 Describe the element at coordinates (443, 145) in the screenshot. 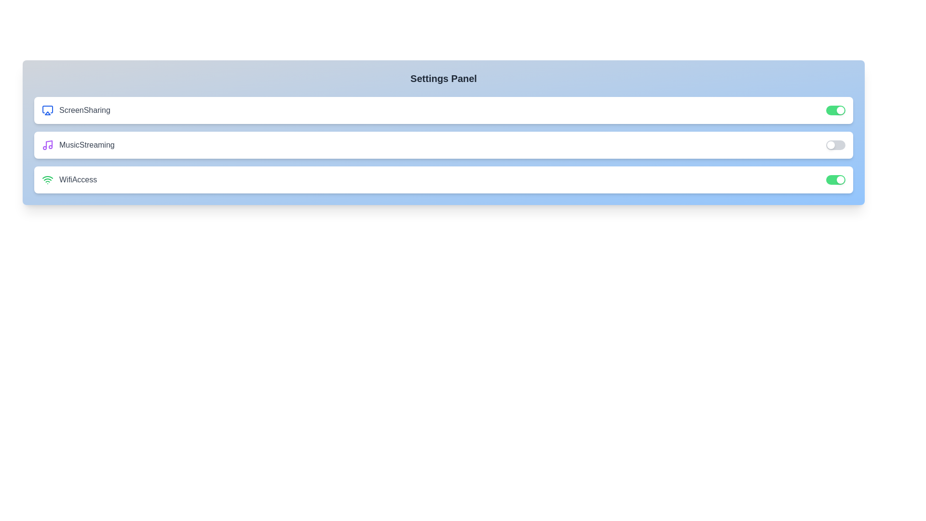

I see `the setting musicStreaming to view its hover effect` at that location.